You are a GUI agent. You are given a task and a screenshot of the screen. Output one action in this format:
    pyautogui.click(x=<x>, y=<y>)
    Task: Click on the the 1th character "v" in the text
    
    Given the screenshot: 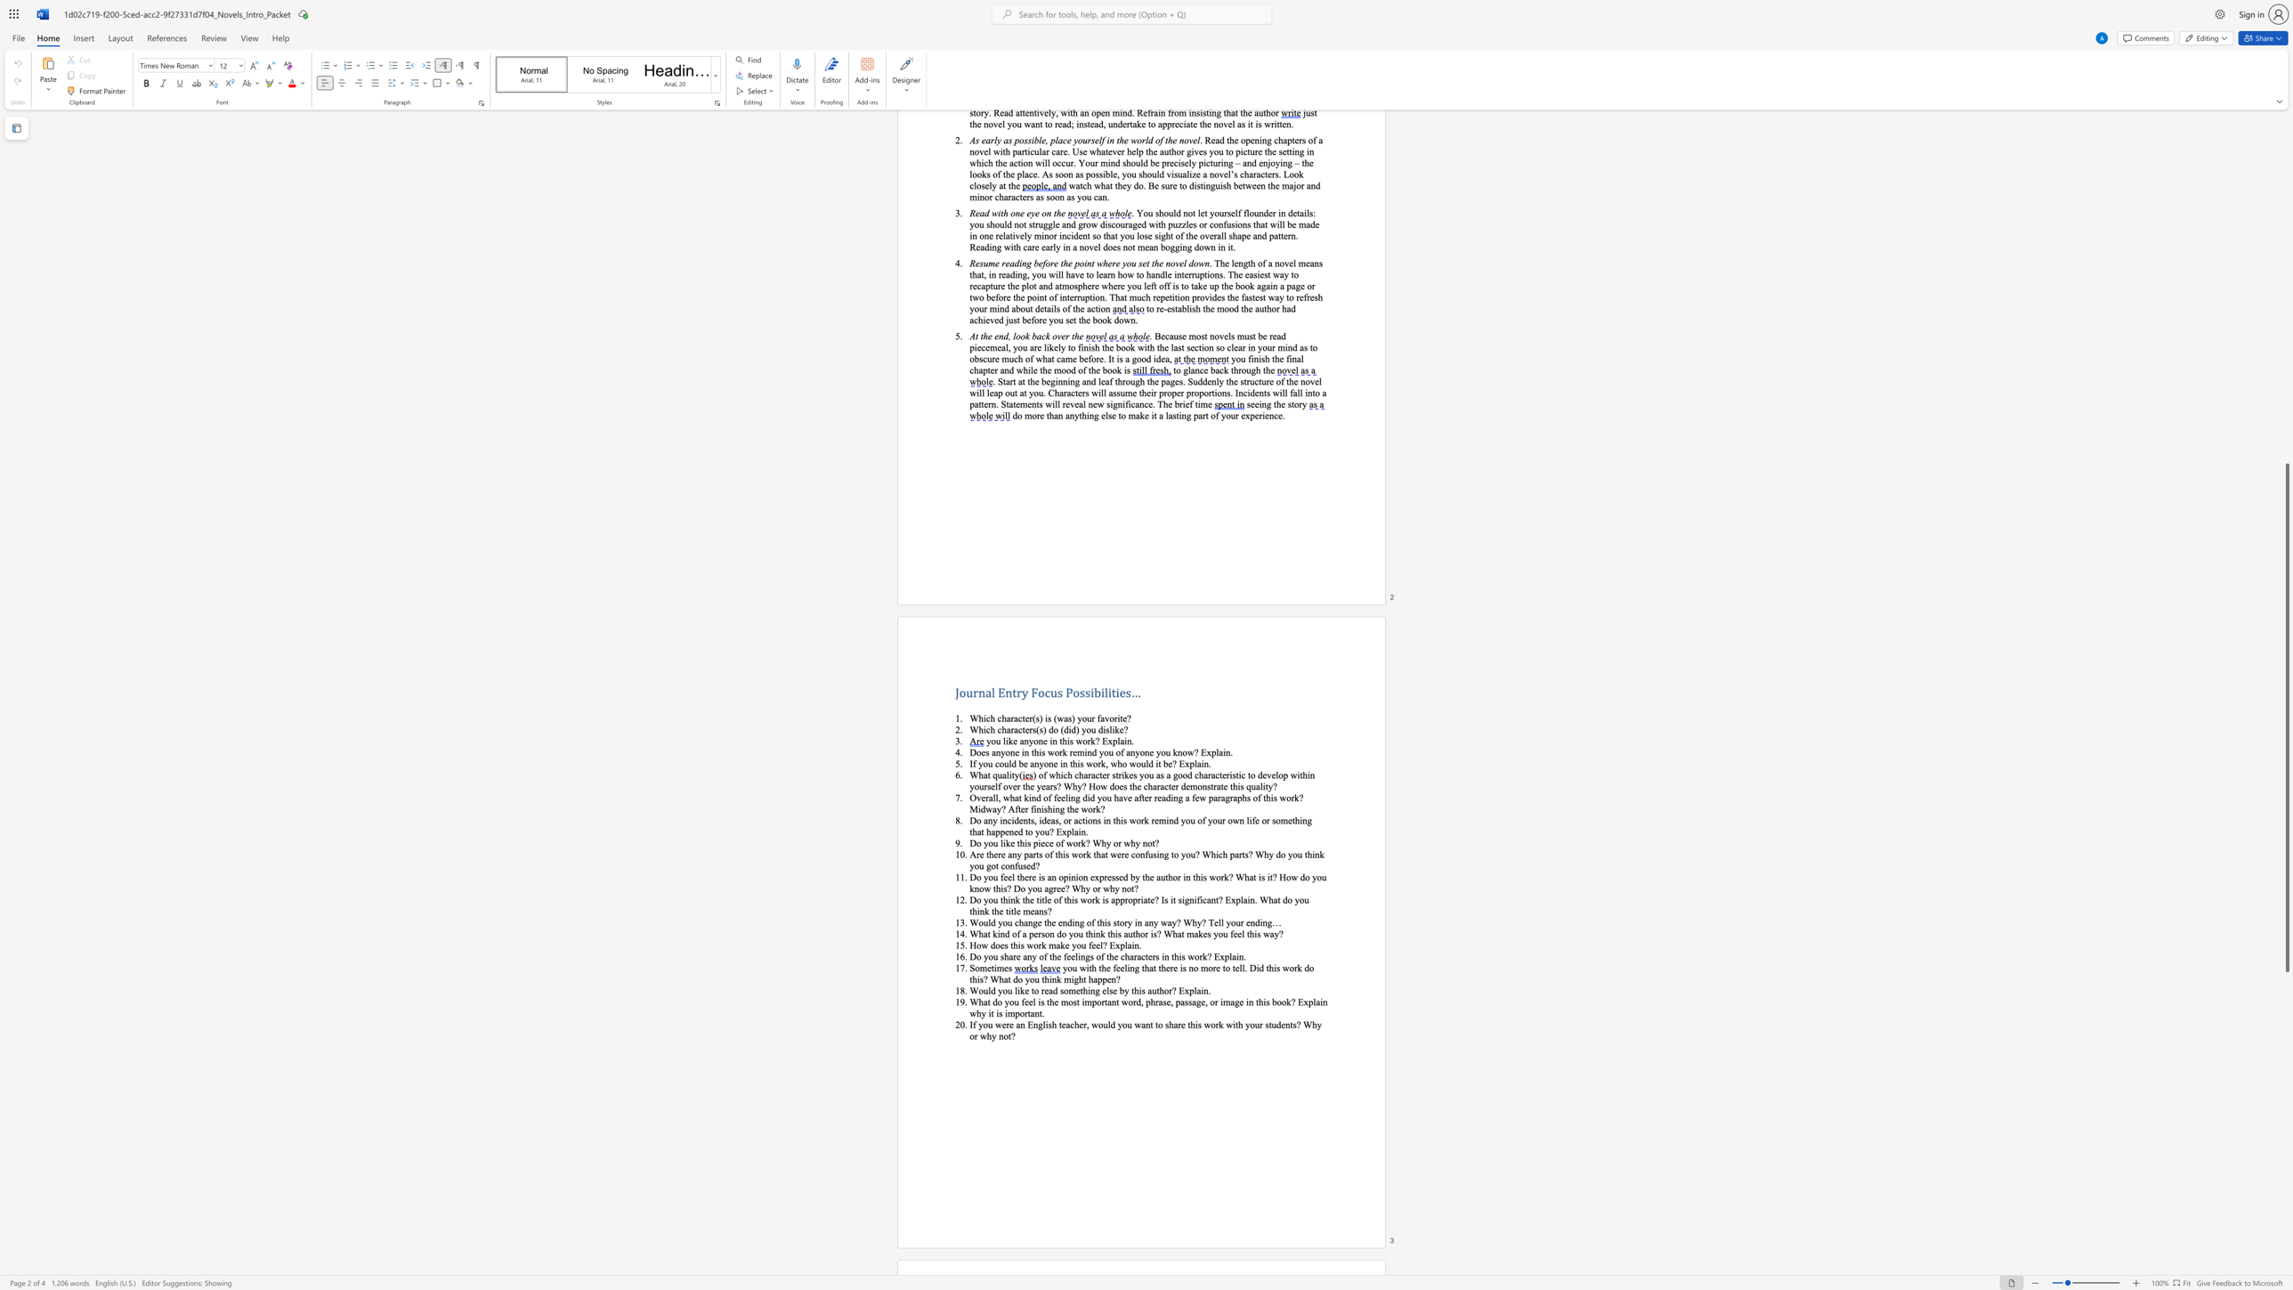 What is the action you would take?
    pyautogui.click(x=1106, y=718)
    